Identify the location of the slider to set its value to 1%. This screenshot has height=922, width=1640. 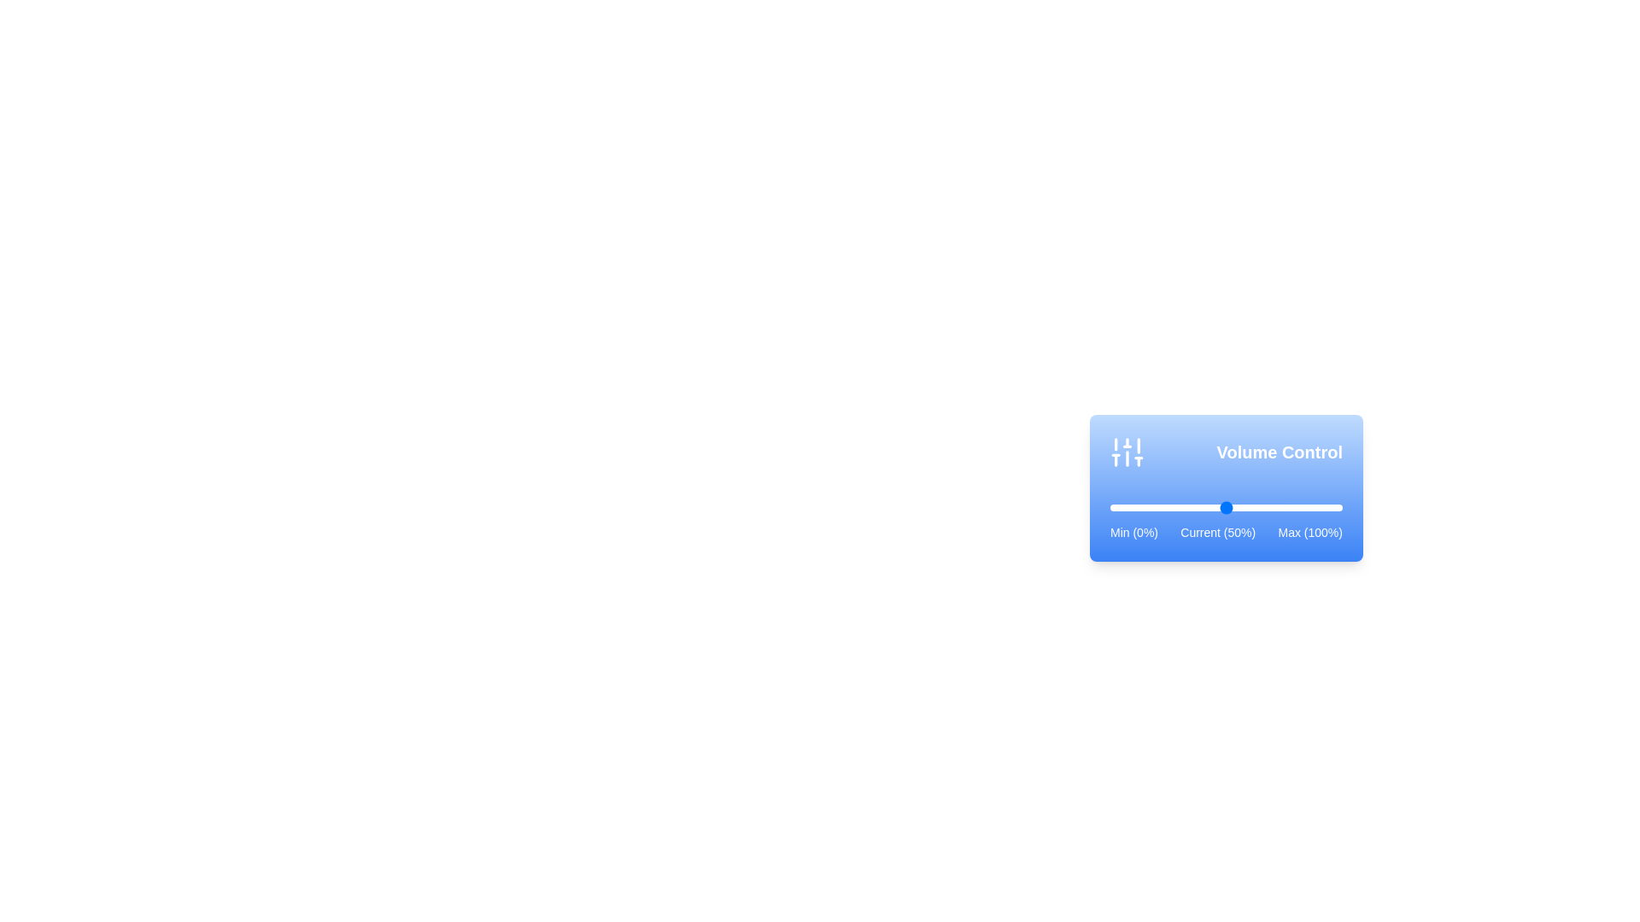
(1112, 506).